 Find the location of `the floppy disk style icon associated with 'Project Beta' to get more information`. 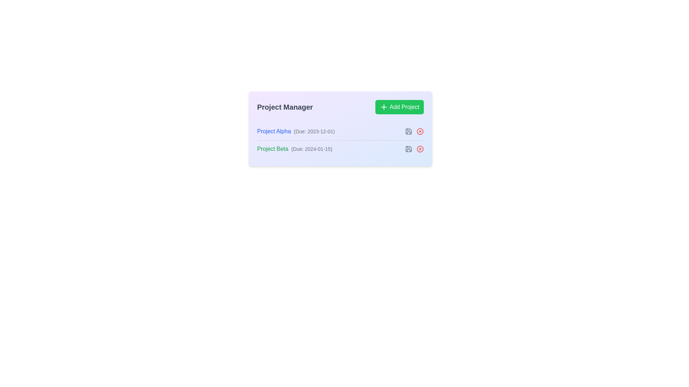

the floppy disk style icon associated with 'Project Beta' to get more information is located at coordinates (408, 131).